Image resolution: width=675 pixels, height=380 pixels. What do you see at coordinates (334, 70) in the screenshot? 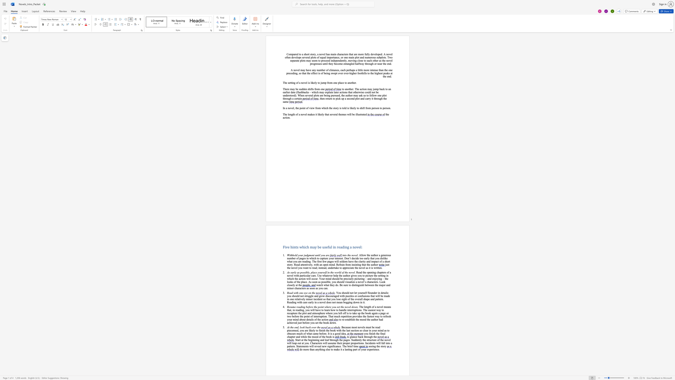
I see `the 4th character "a" in the text` at bounding box center [334, 70].